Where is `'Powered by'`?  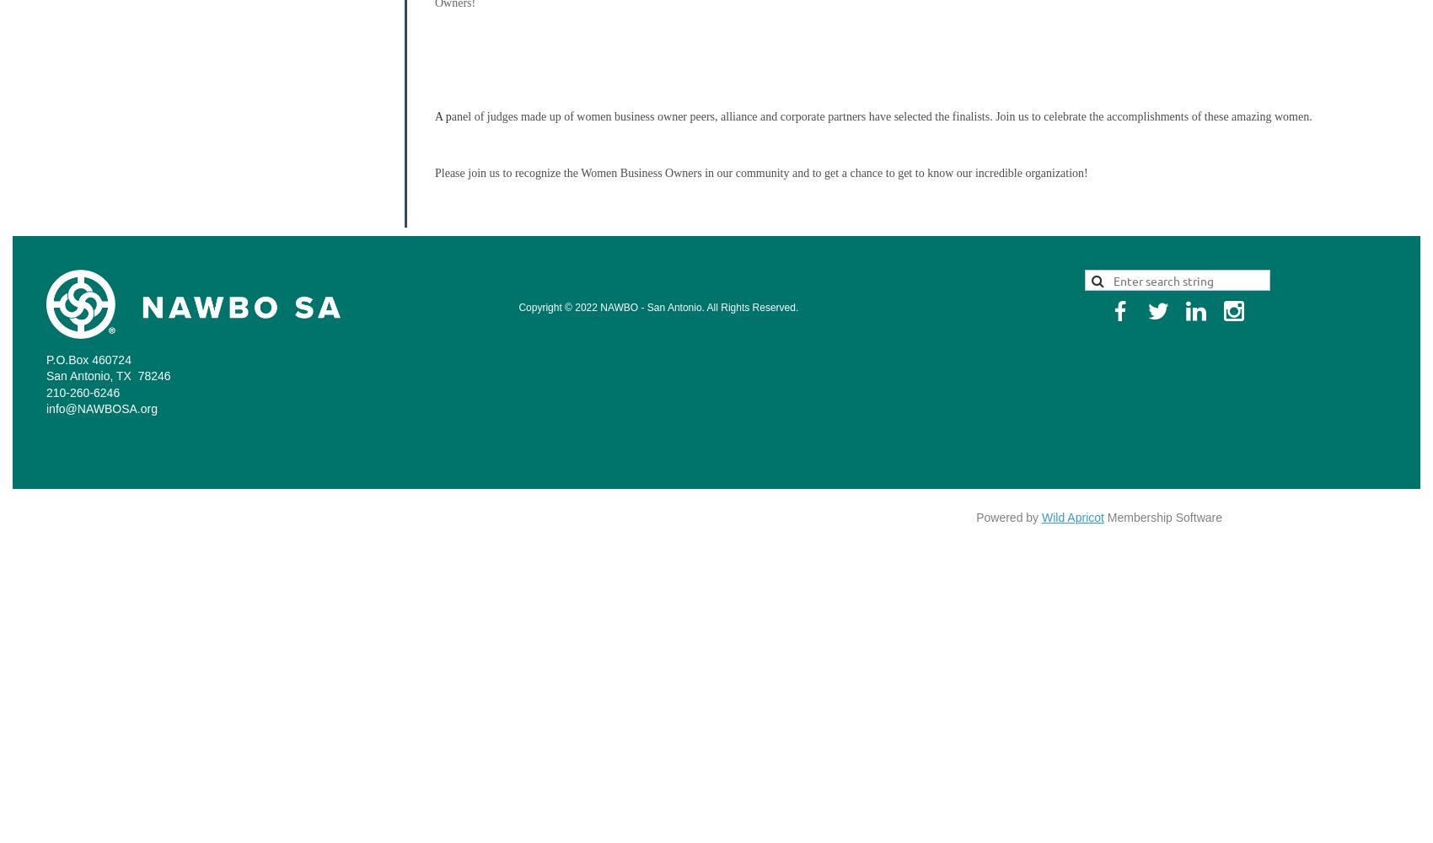 'Powered by' is located at coordinates (1007, 516).